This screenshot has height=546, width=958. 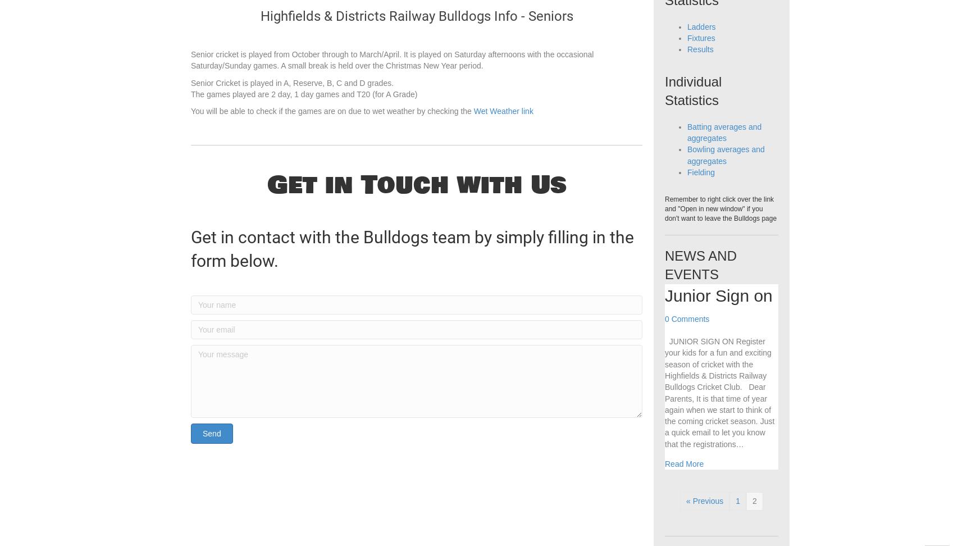 I want to click on '0 Comments', so click(x=687, y=342).